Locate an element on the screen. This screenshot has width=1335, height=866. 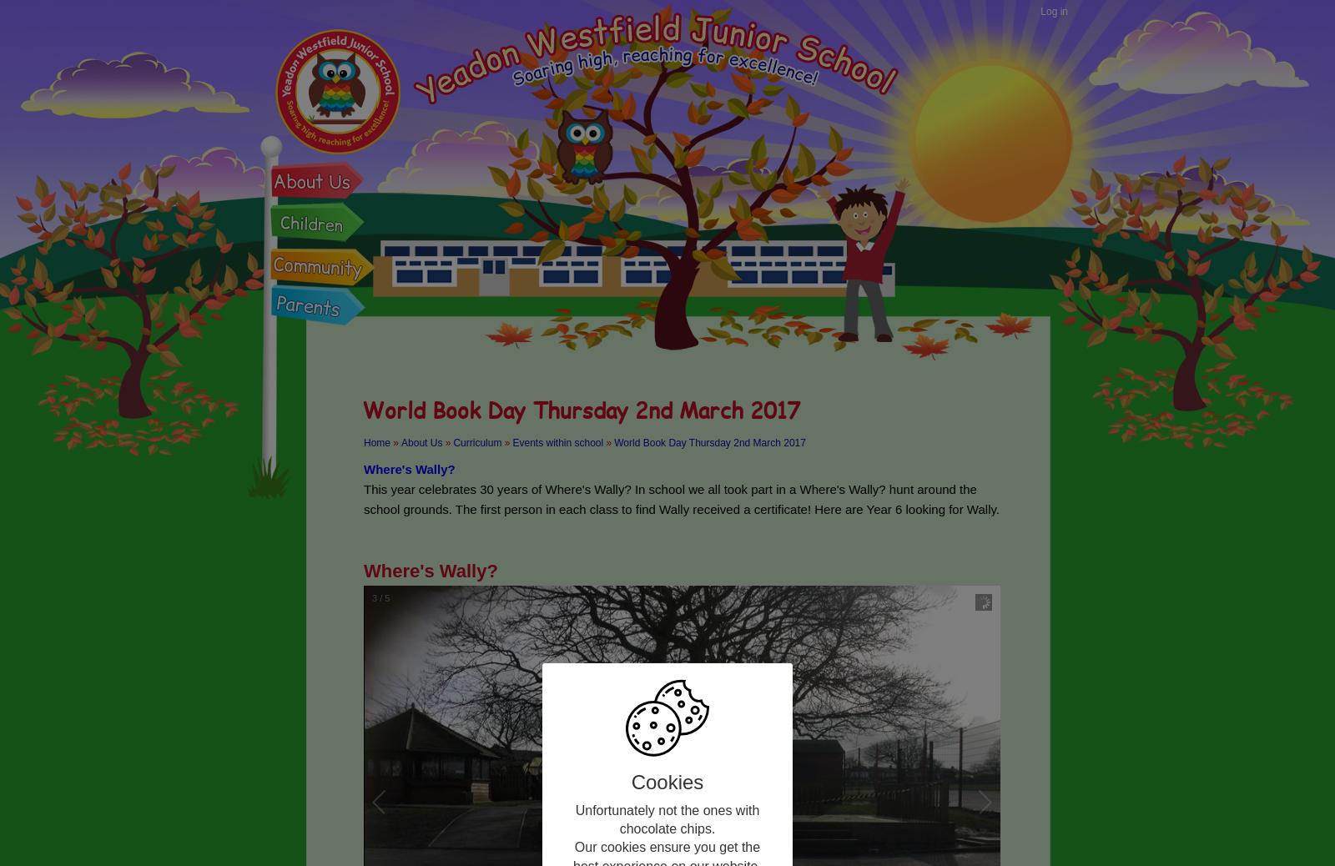
'Cookies' is located at coordinates (667, 781).